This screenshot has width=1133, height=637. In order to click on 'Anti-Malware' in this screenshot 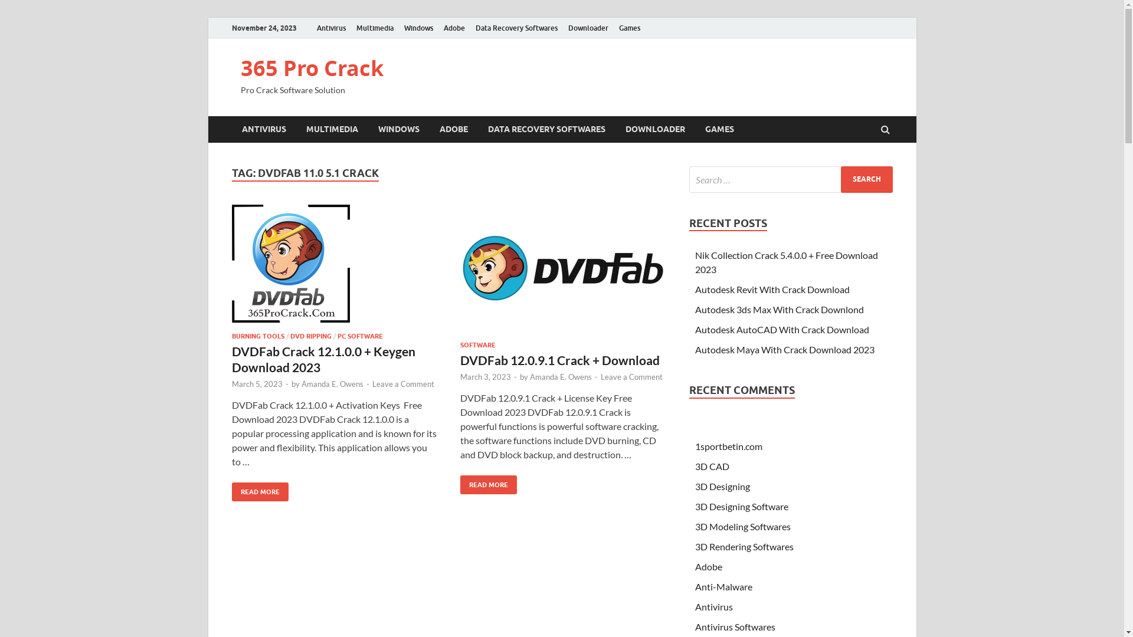, I will do `click(723, 586)`.